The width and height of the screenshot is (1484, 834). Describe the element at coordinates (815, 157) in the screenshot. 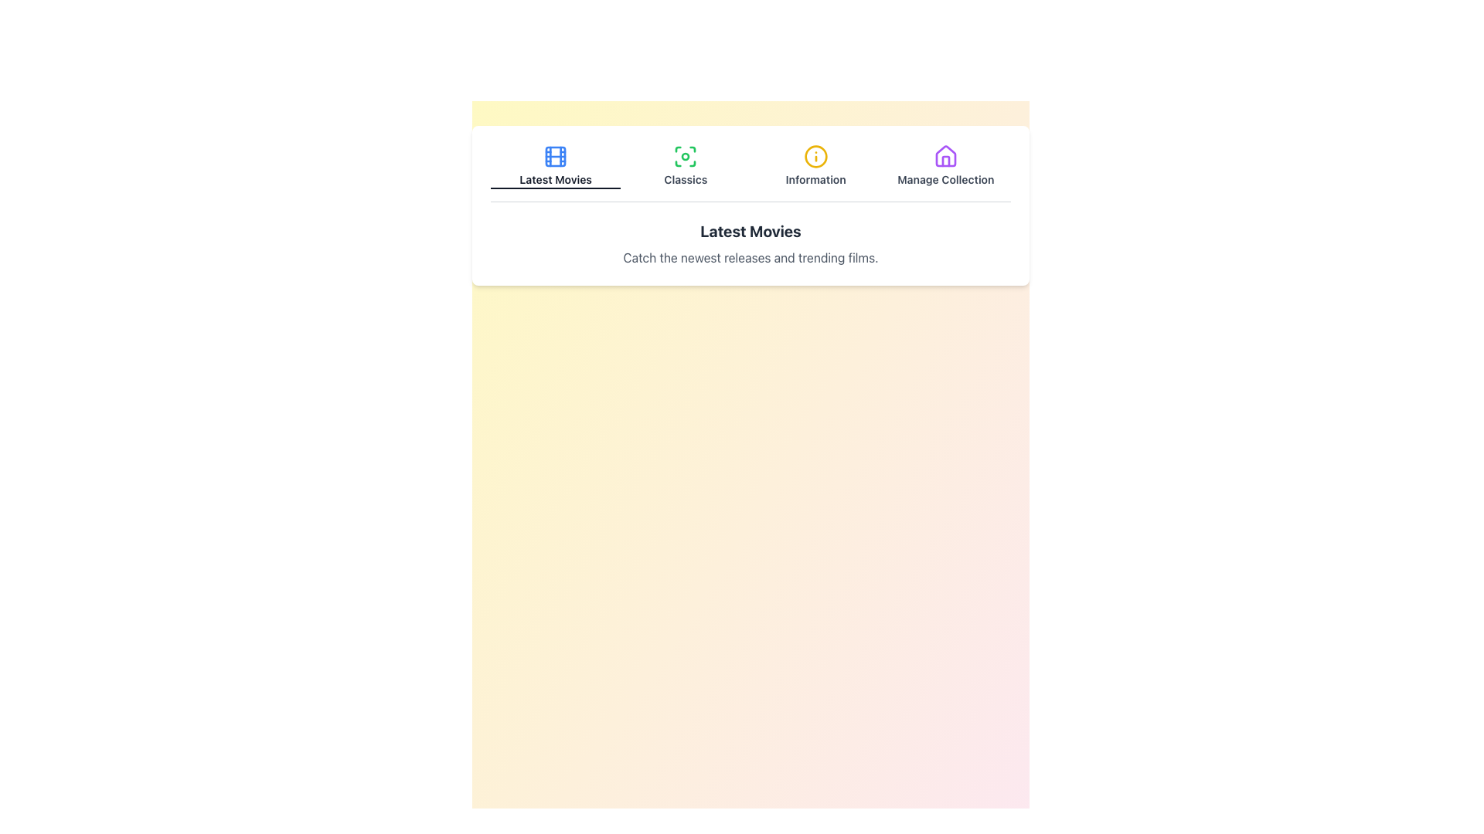

I see `the 'Information' icon located in the top-center navigation menu, which is the third icon from the left` at that location.